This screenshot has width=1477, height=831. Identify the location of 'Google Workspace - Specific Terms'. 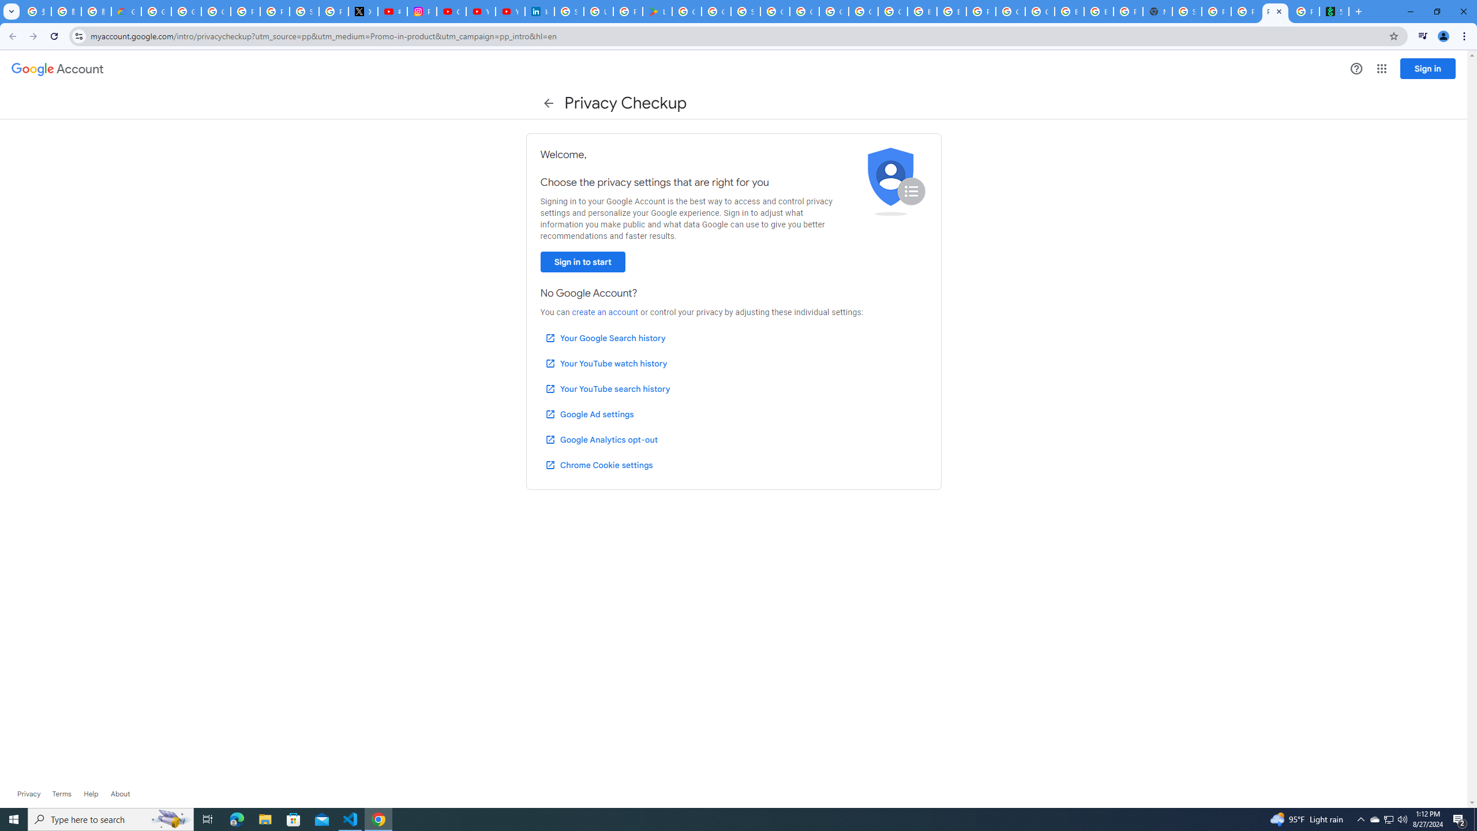
(715, 11).